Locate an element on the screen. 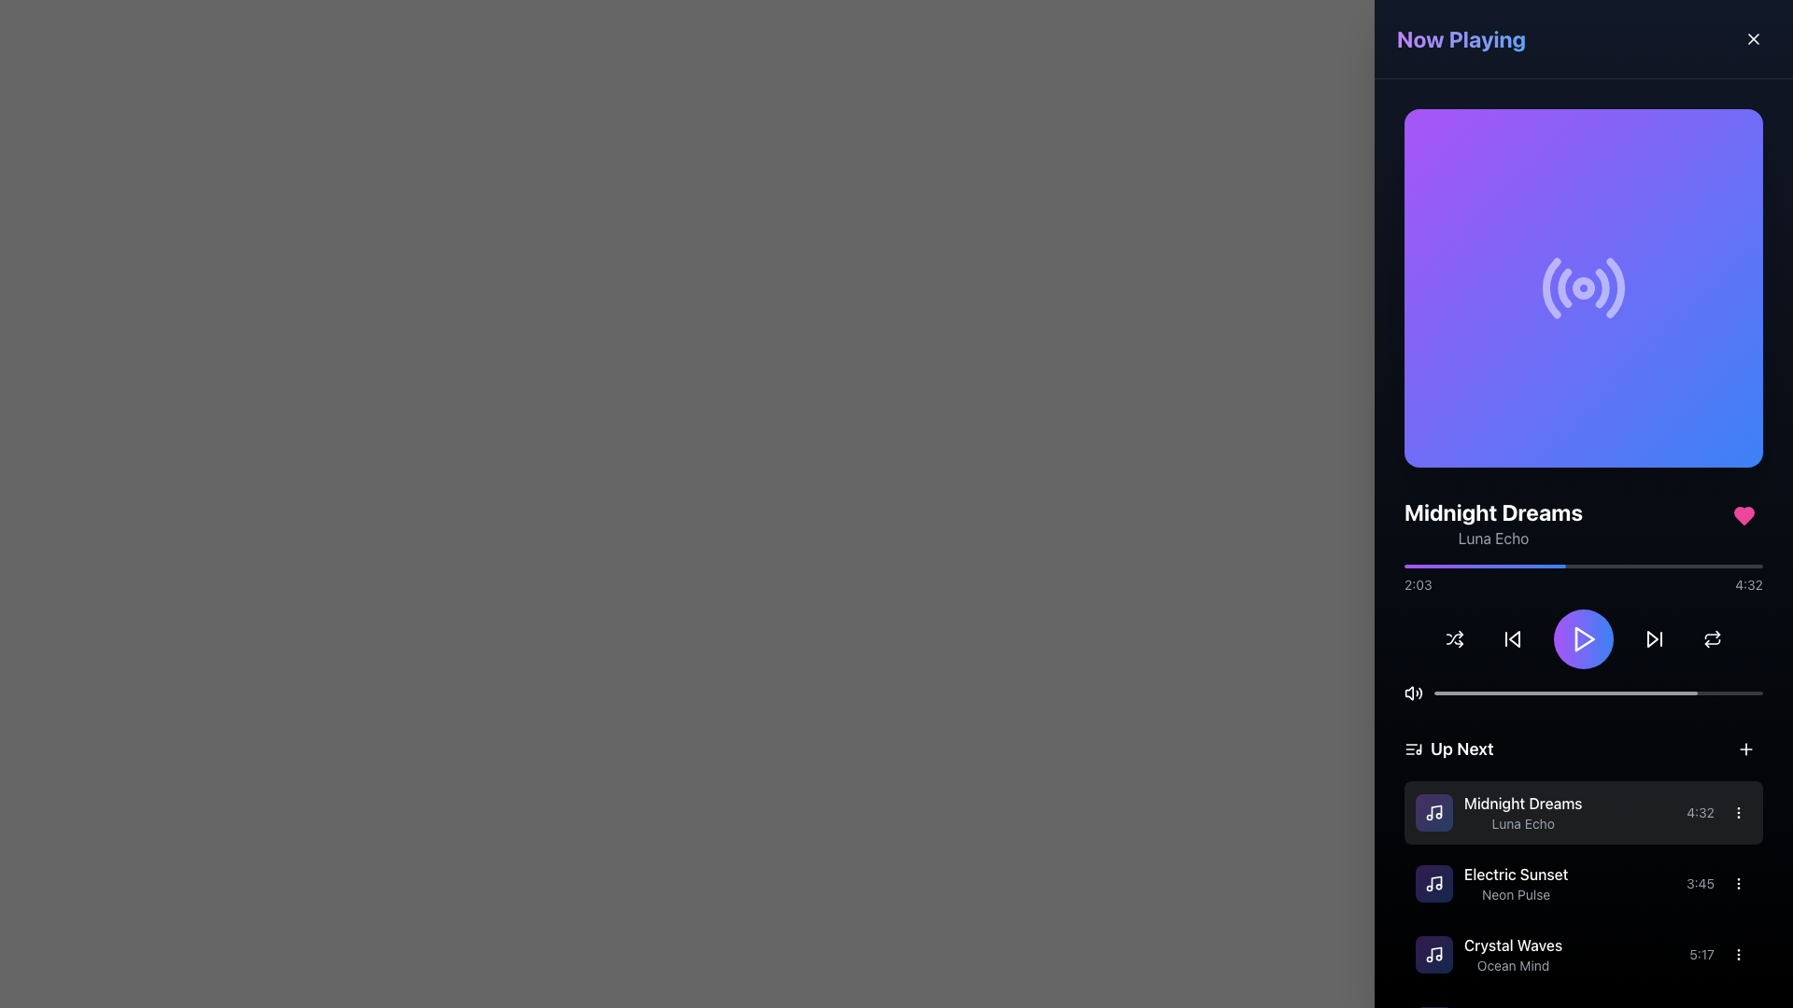 This screenshot has width=1793, height=1008. the triangular play icon button, which is styled with a white icon on a dark background, located in the bottom area of the right-hand control panel as the fifth button from the left is located at coordinates (1654, 638).